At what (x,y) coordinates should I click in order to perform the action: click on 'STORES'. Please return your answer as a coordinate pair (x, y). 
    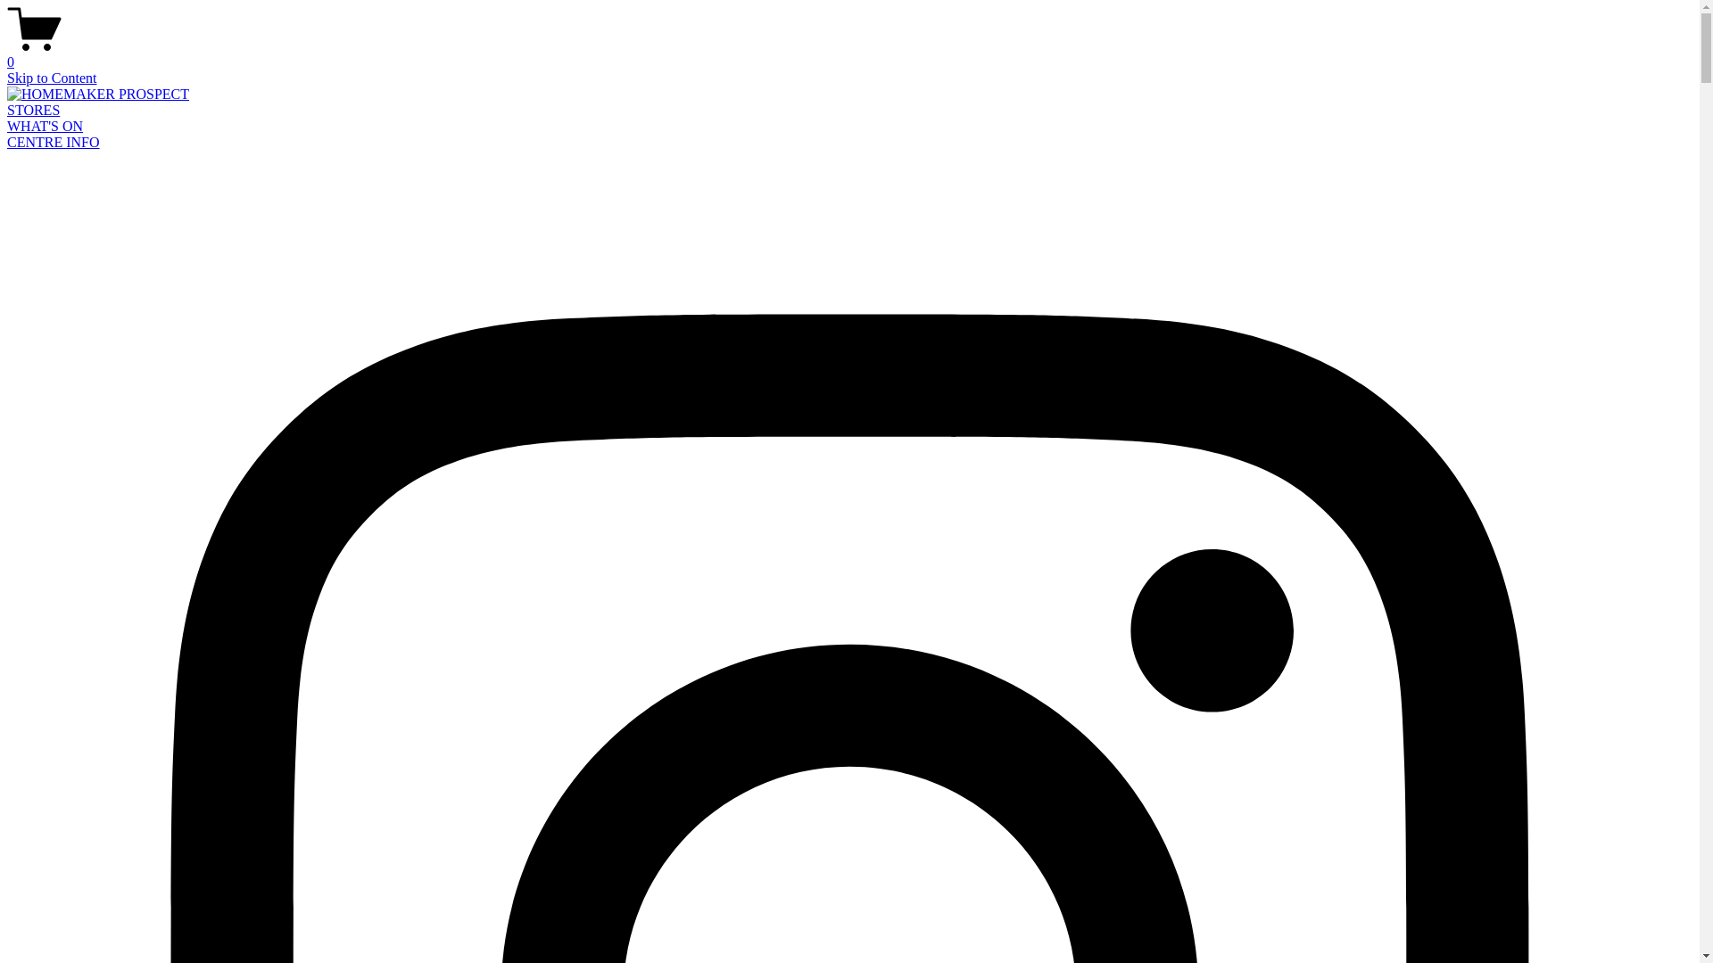
    Looking at the image, I should click on (7, 110).